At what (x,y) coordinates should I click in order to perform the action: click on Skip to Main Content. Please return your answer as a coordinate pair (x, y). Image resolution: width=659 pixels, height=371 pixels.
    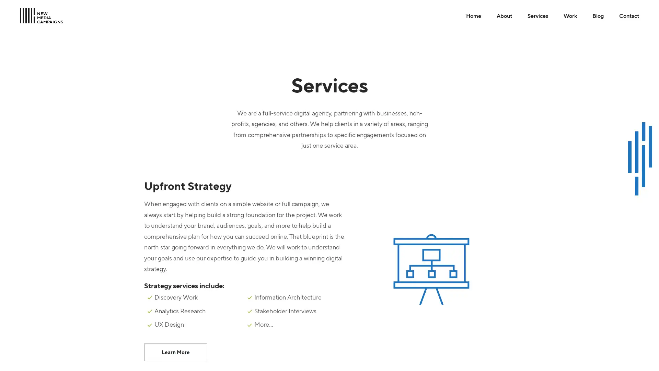
    Looking at the image, I should click on (7, 7).